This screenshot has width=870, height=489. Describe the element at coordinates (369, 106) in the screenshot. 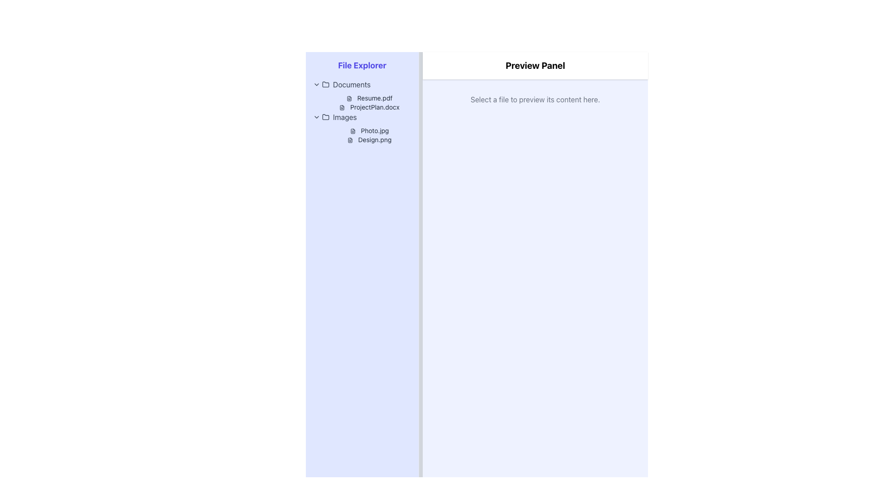

I see `the text label displaying the filename 'ProjectPlan.docx' in the file explorer panel` at that location.